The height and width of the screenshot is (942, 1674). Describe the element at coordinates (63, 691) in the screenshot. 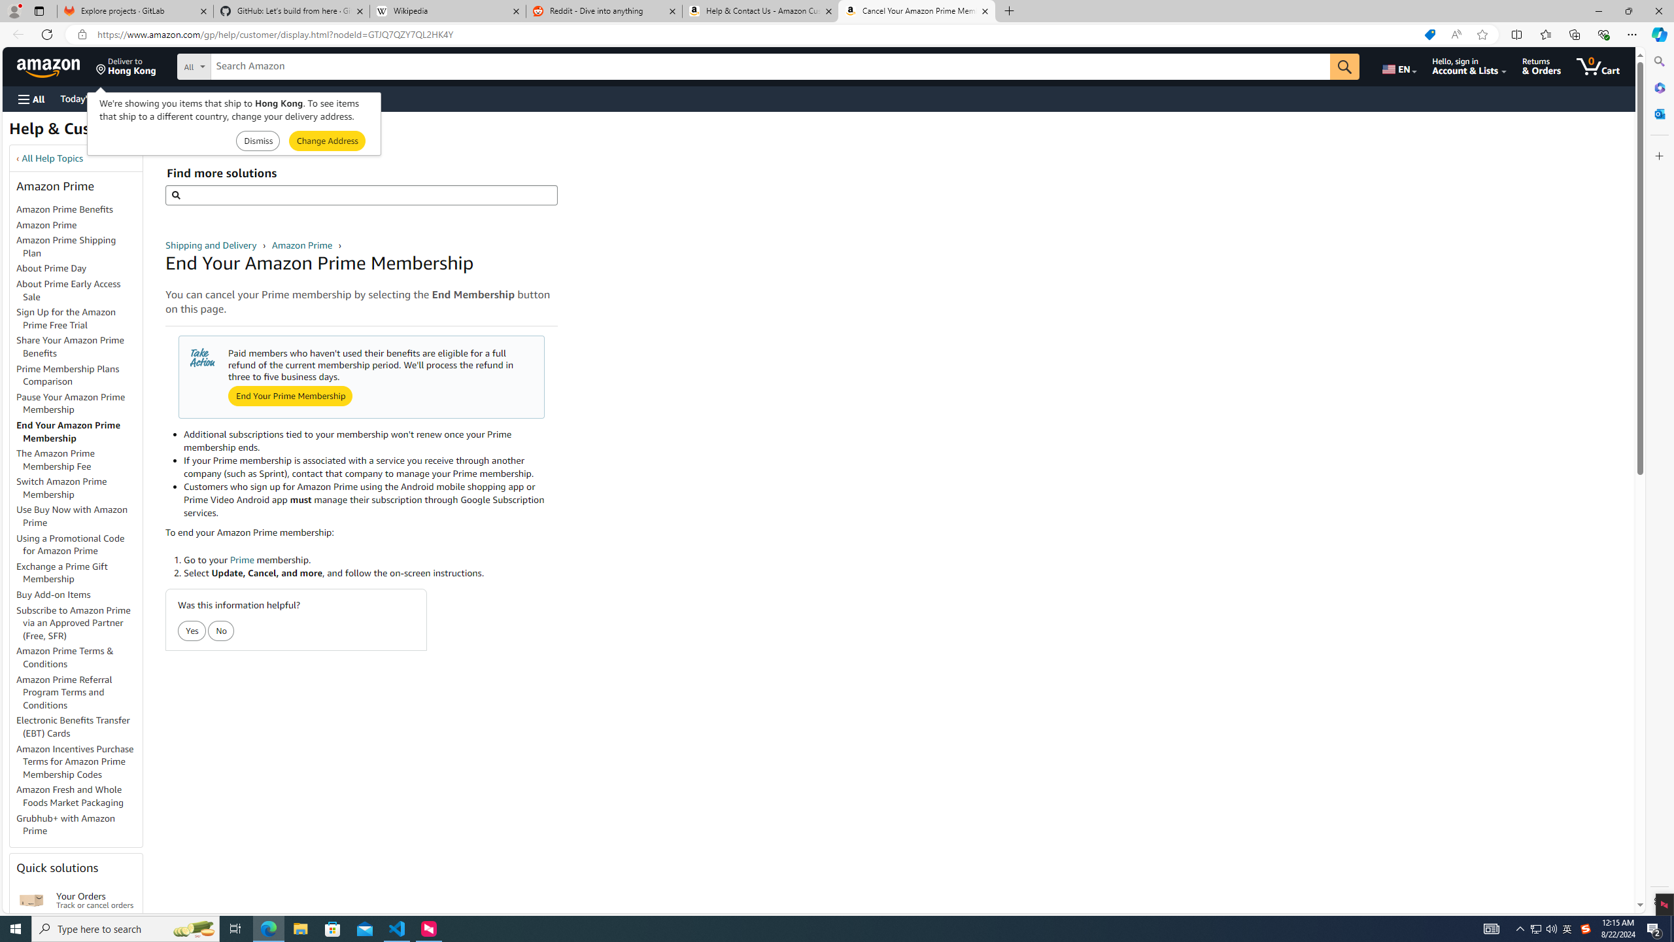

I see `'Amazon Prime Referral Program Terms and Conditions'` at that location.